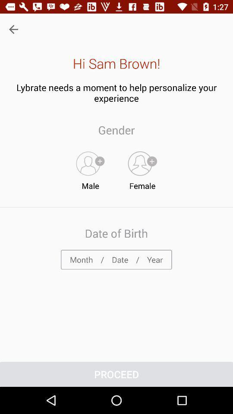 This screenshot has width=233, height=414. I want to click on item to the right of the male, so click(142, 168).